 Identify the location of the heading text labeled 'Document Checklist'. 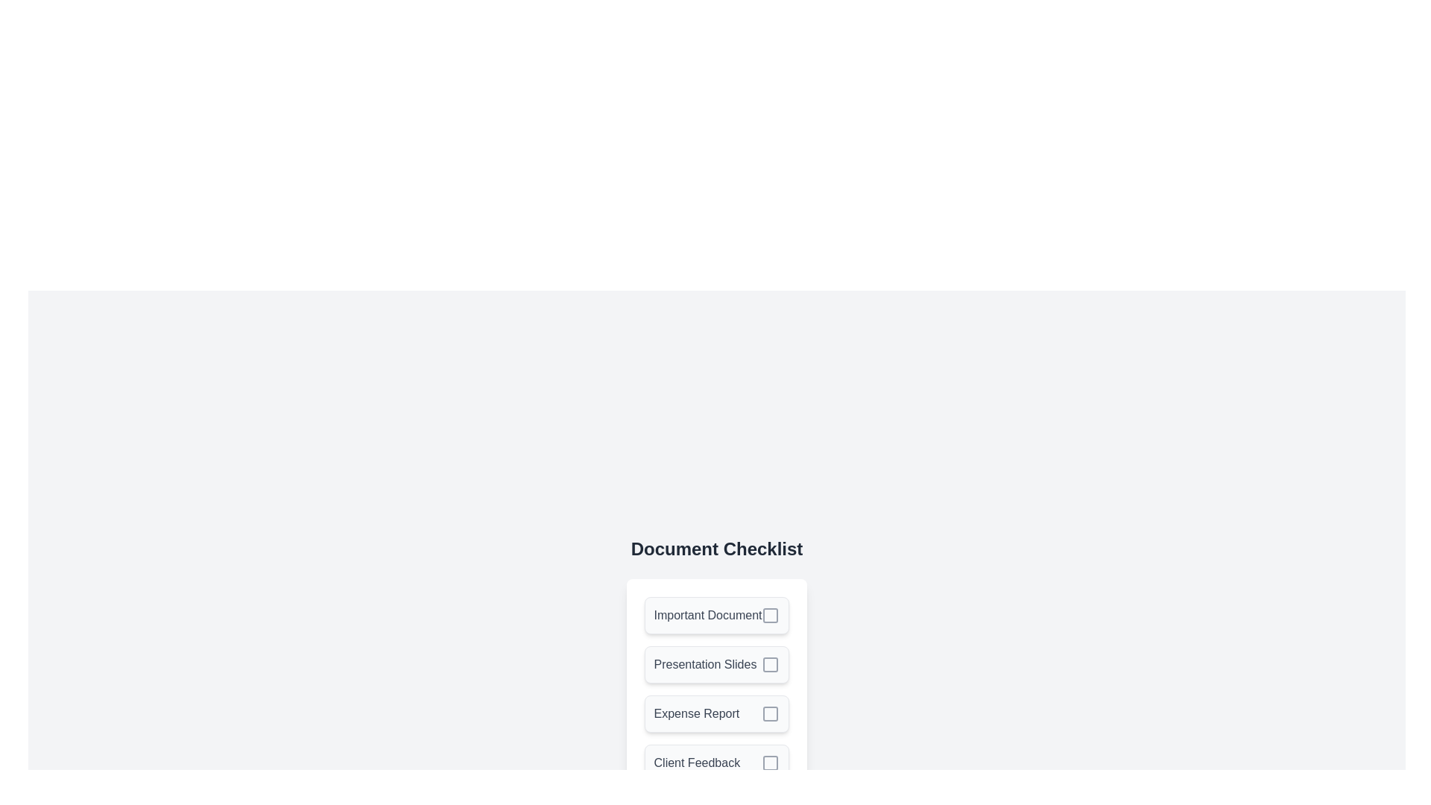
(716, 549).